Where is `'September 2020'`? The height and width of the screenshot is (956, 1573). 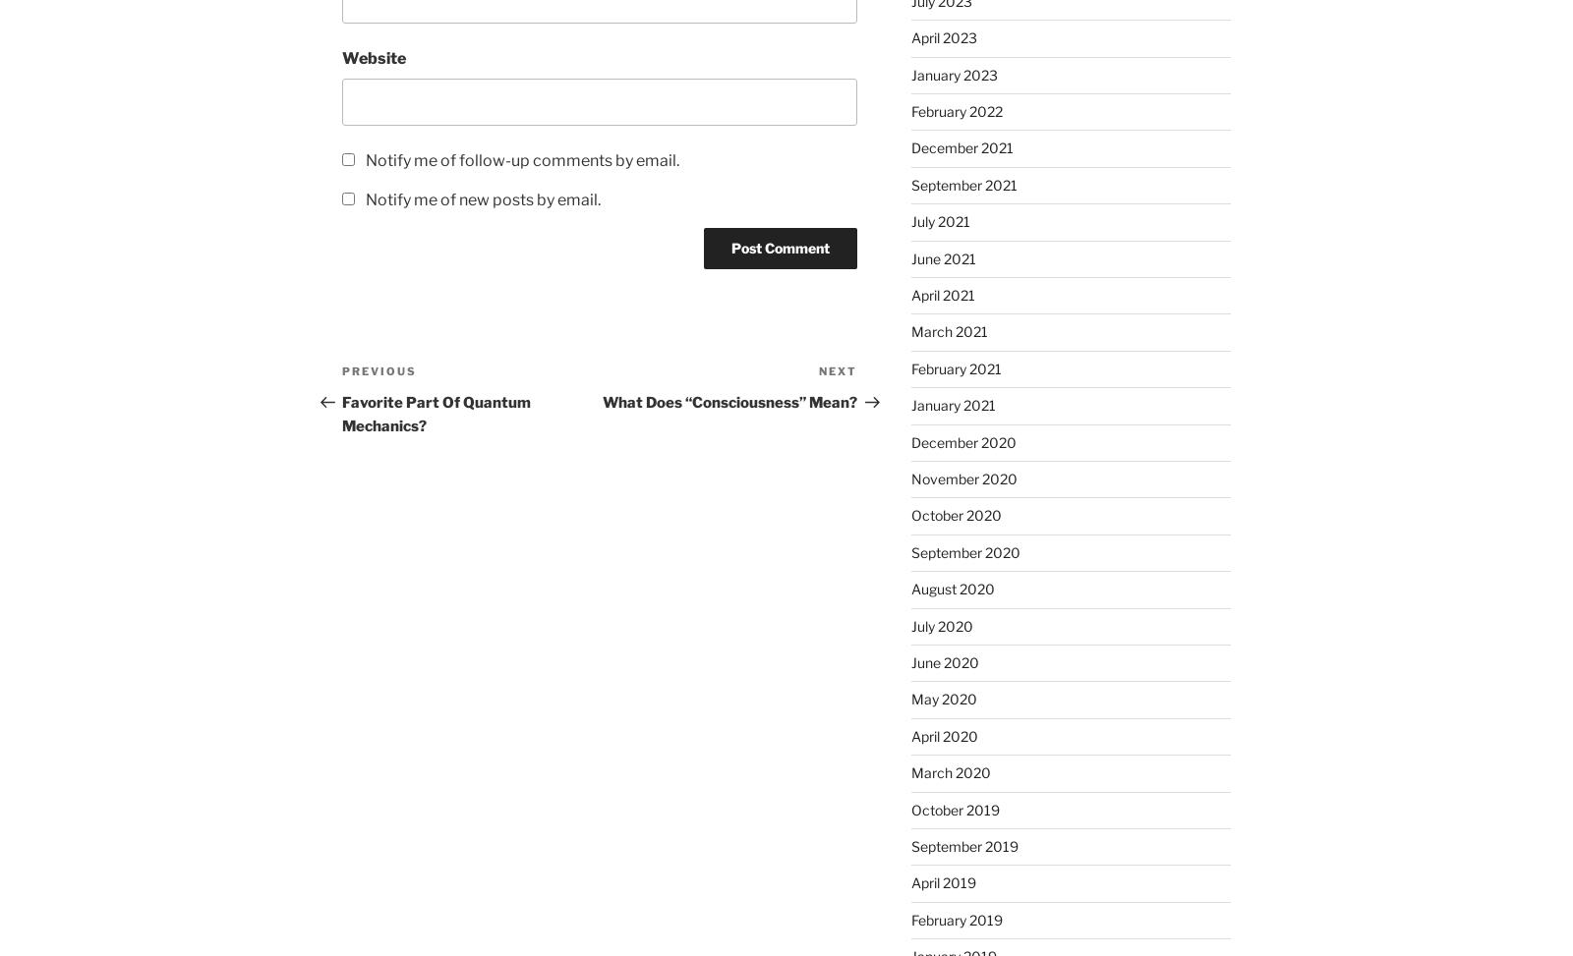 'September 2020' is located at coordinates (963, 551).